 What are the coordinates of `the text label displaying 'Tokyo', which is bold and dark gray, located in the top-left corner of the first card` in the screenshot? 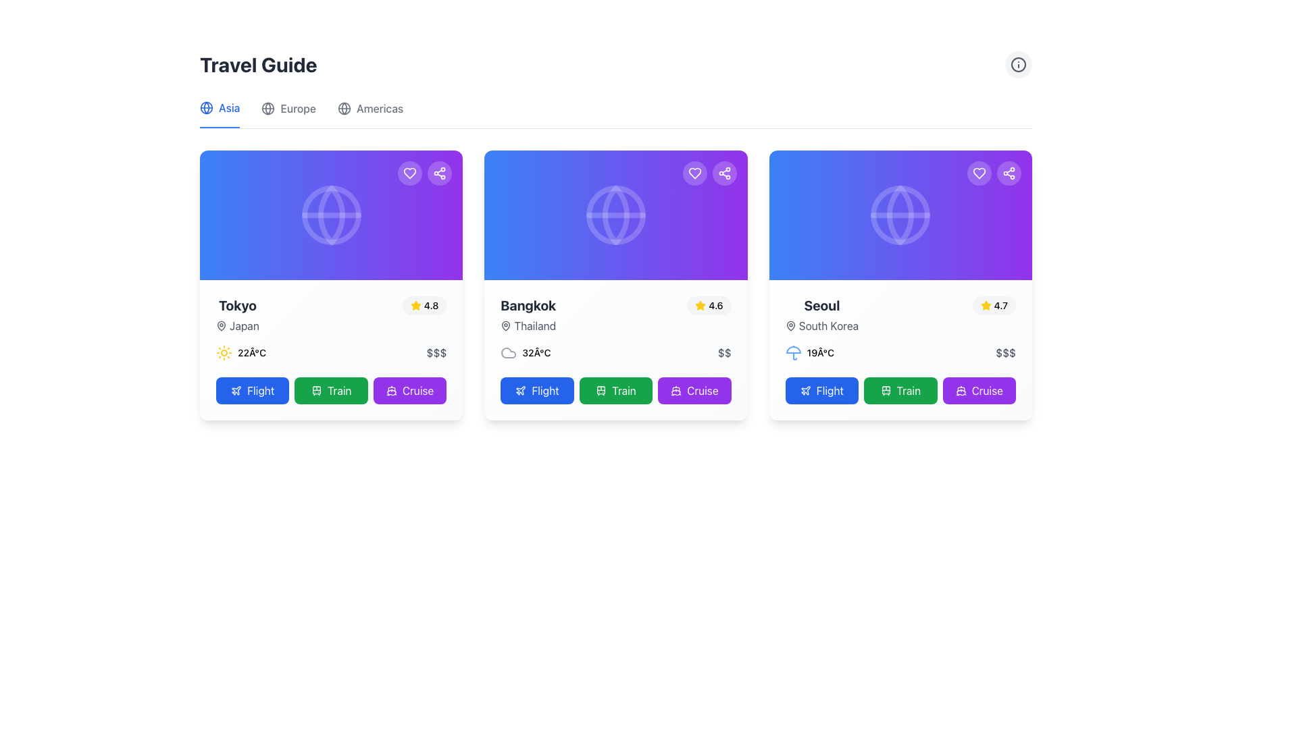 It's located at (237, 305).